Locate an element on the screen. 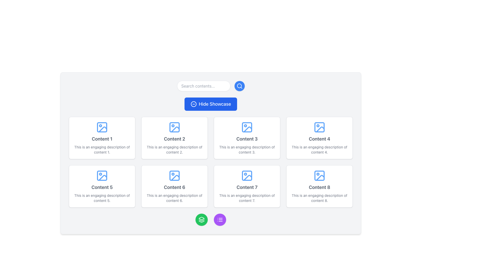 Image resolution: width=490 pixels, height=275 pixels. the decorative rectangle in the SVG graphic that represents 'Content 5', located in the first item of the second row of the content grid is located at coordinates (102, 175).